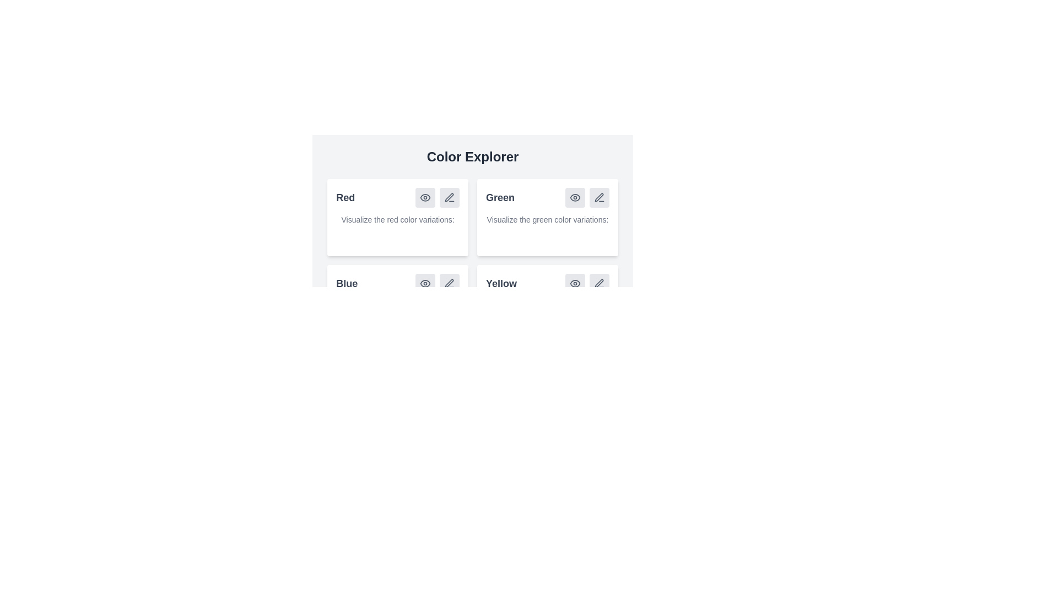 Image resolution: width=1058 pixels, height=595 pixels. Describe the element at coordinates (473, 204) in the screenshot. I see `the right tile of the first row in the navigational grid under 'Color Explorer' to interact with the content` at that location.